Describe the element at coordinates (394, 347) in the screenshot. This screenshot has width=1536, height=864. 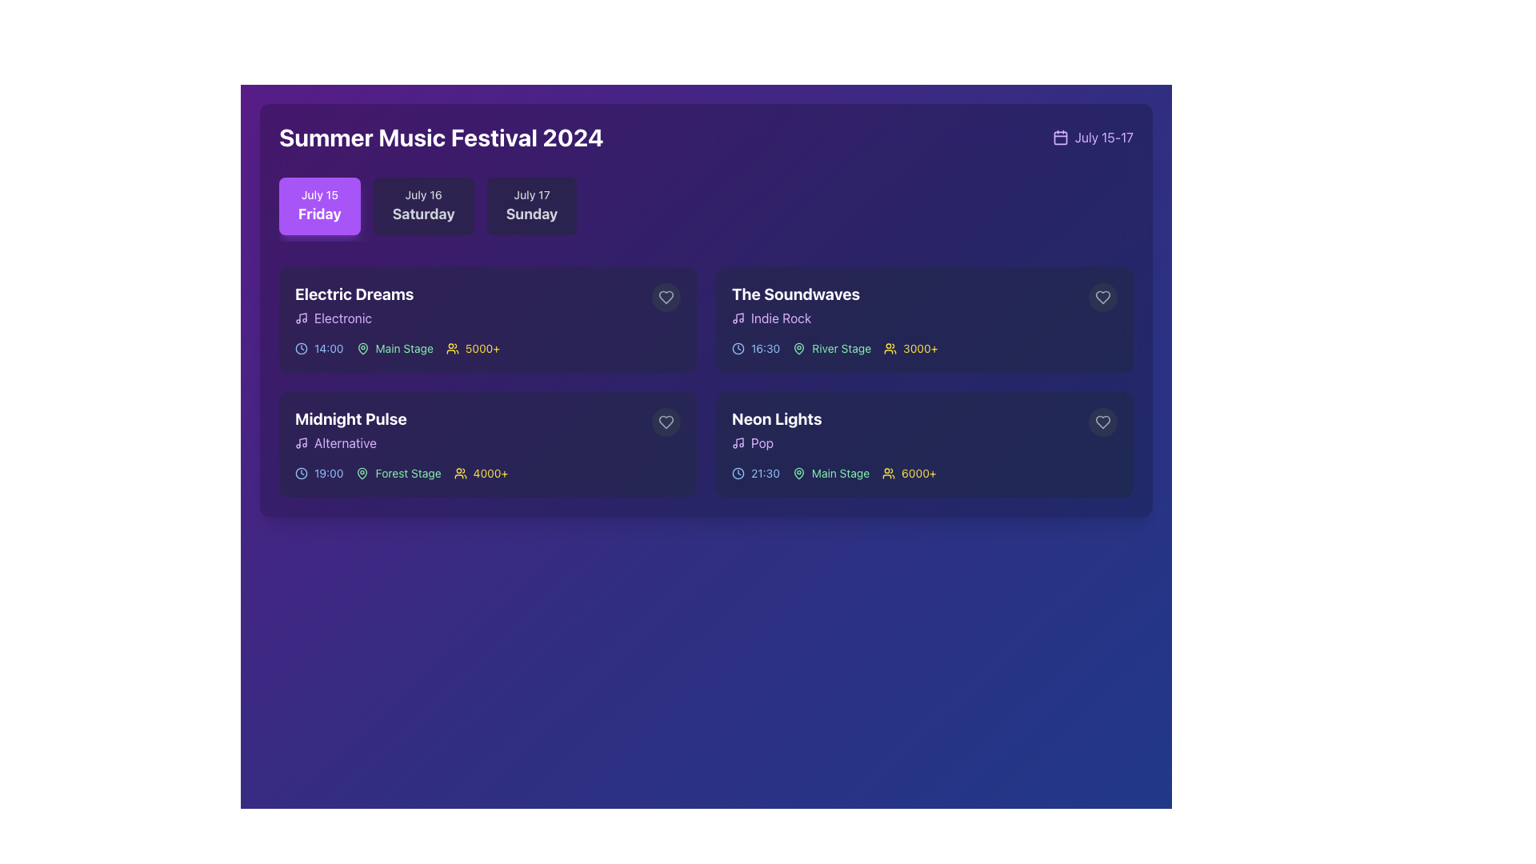
I see `'Main Stage' text label with a green map pin icon located in the 'Electric Dreams' event card under the 'Friday' tab, positioned between the event time and audience count` at that location.